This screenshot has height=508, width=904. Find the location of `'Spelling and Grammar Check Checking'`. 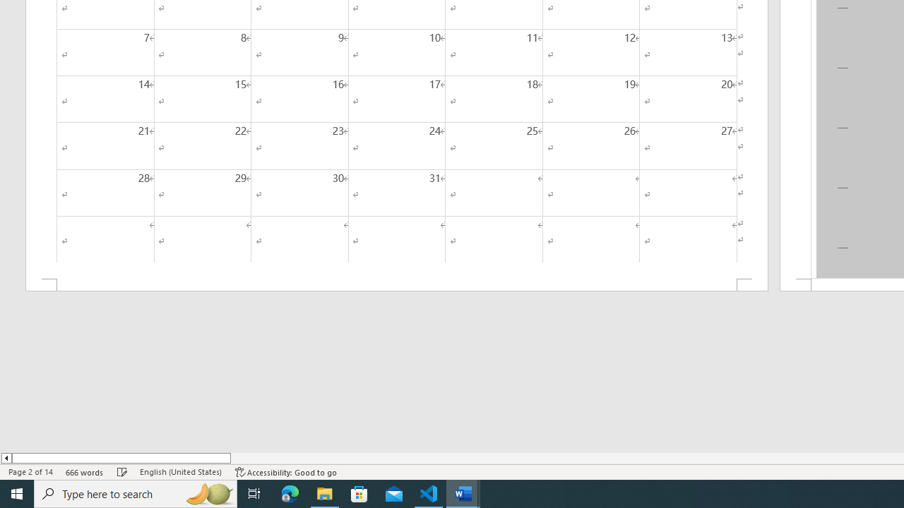

'Spelling and Grammar Check Checking' is located at coordinates (122, 472).